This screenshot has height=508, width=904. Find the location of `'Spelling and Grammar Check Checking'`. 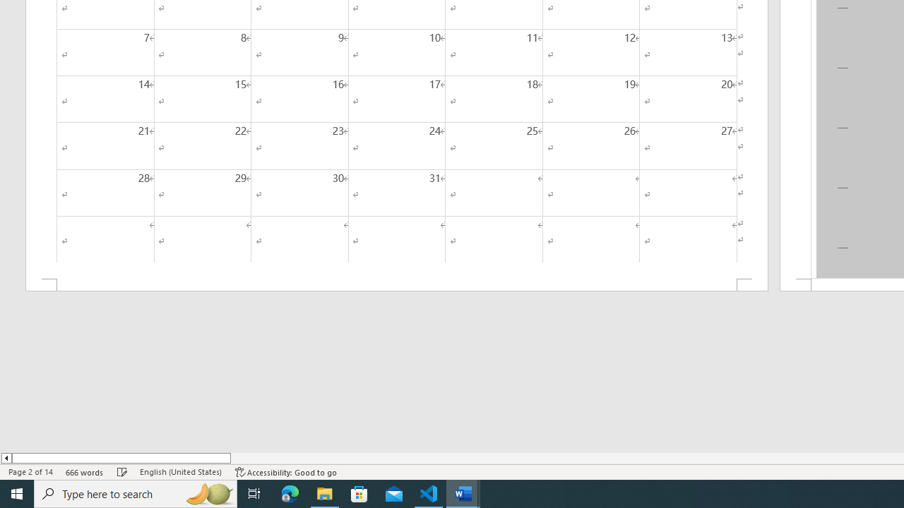

'Spelling and Grammar Check Checking' is located at coordinates (122, 472).